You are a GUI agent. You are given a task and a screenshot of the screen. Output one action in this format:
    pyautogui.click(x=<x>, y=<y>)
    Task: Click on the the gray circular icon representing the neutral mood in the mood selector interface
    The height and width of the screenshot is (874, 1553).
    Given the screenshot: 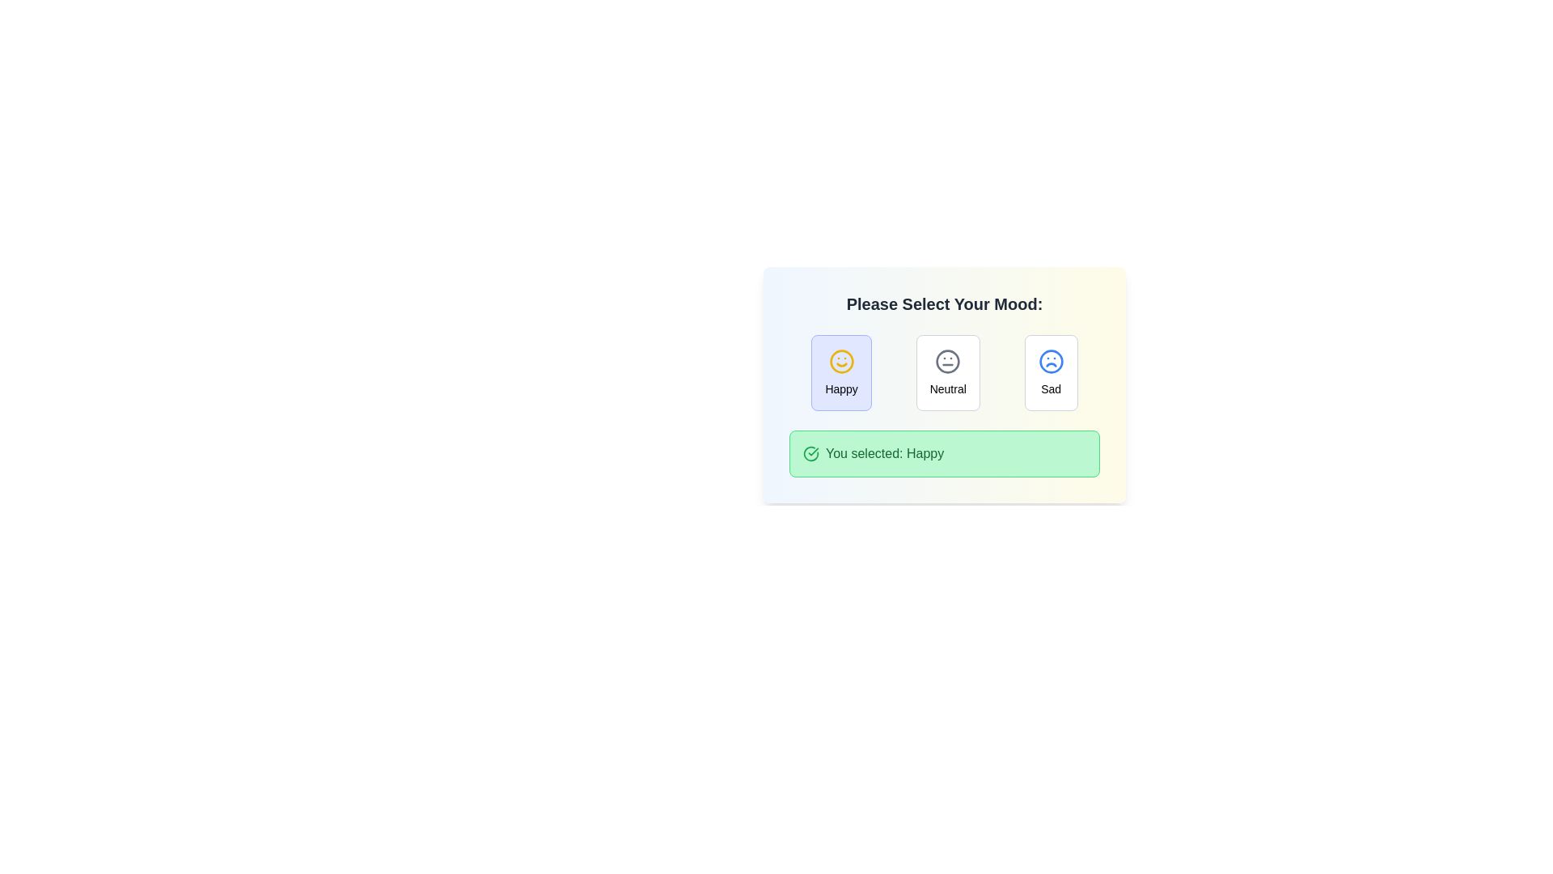 What is the action you would take?
    pyautogui.click(x=948, y=361)
    